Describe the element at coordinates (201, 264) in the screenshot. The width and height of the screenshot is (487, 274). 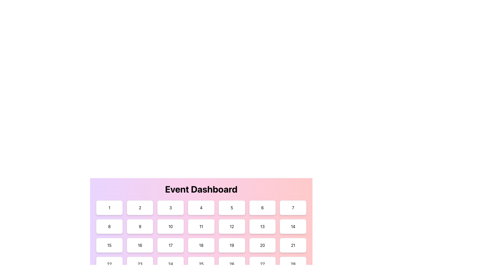
I see `the button labeled '25' located in the fourth row and fourth column of the grid under the 'Event Dashboard' heading for navigation` at that location.